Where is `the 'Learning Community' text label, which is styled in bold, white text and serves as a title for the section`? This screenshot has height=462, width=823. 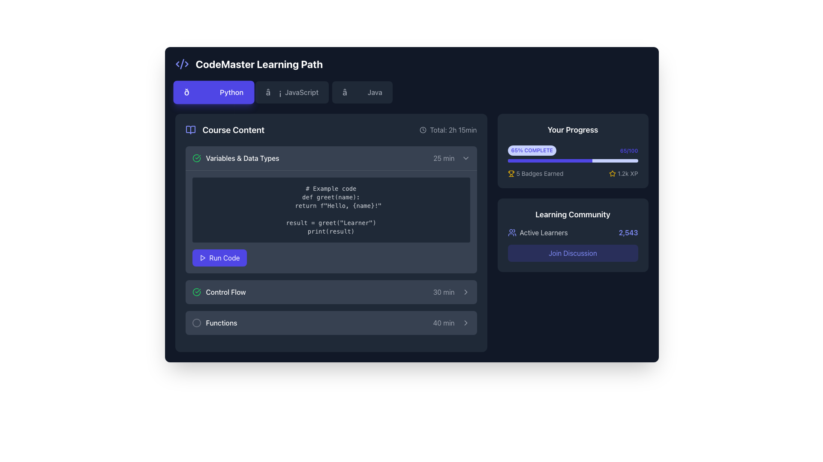 the 'Learning Community' text label, which is styled in bold, white text and serves as a title for the section is located at coordinates (573, 214).